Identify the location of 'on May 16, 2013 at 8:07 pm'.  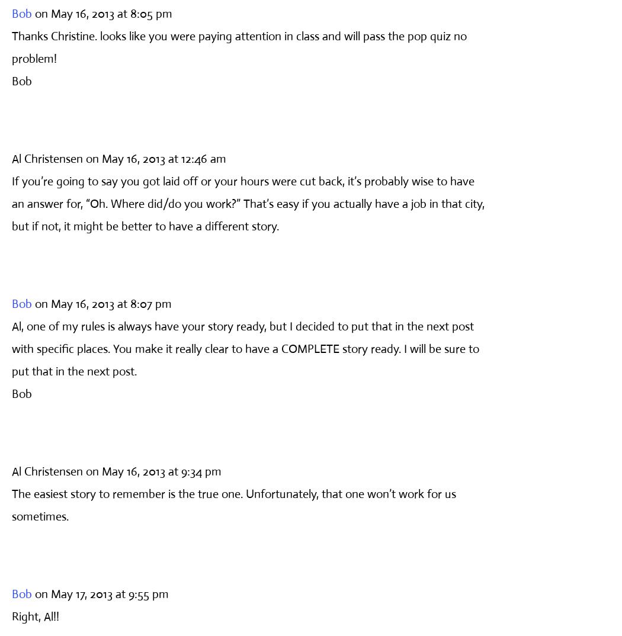
(103, 303).